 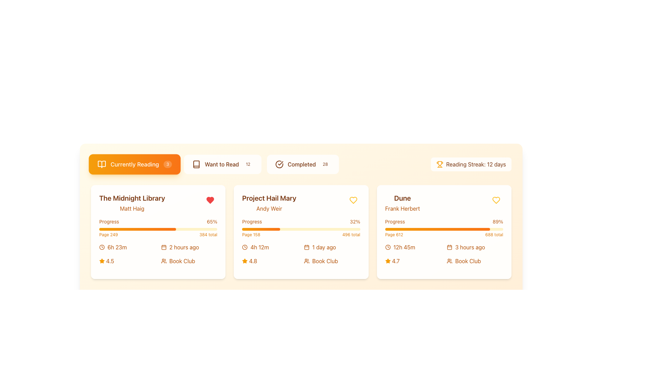 What do you see at coordinates (402, 198) in the screenshot?
I see `the text label 'Dune' which is styled in bold and amber color, located at the top of its card layout` at bounding box center [402, 198].